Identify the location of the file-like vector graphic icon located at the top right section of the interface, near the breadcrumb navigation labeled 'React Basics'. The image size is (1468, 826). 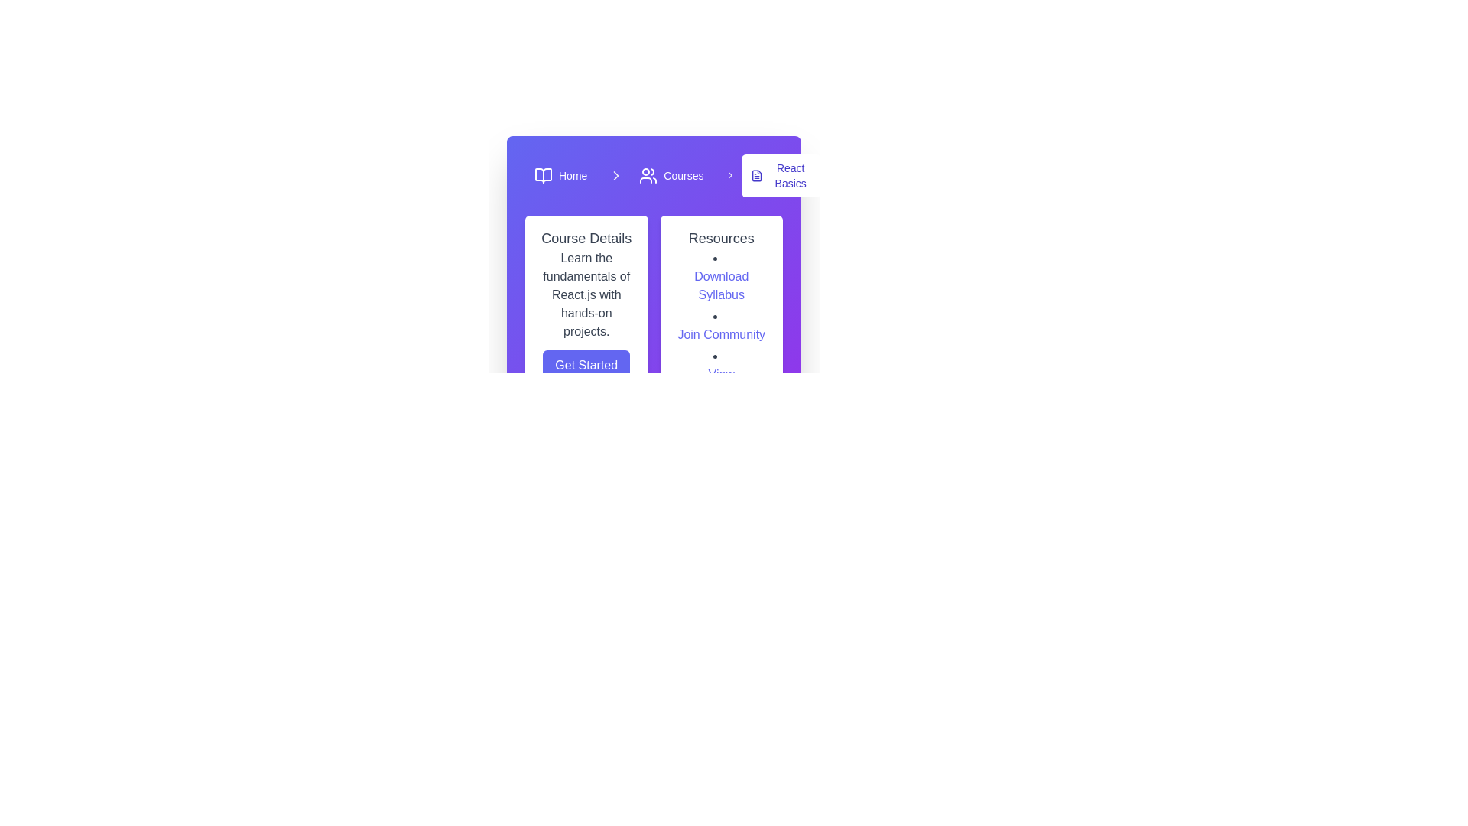
(757, 175).